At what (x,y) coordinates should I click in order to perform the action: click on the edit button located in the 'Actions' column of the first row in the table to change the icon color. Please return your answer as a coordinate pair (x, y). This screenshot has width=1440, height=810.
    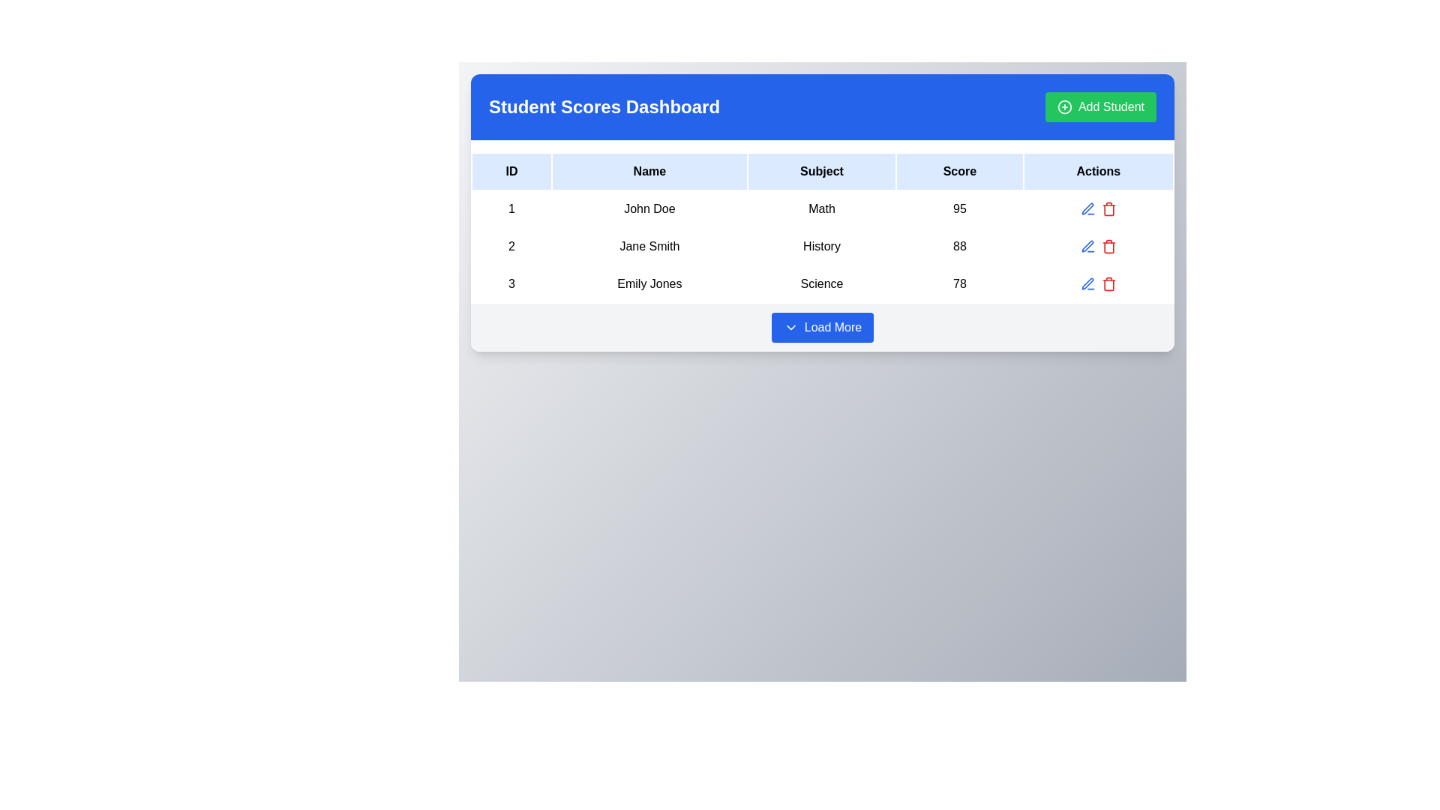
    Looking at the image, I should click on (1087, 208).